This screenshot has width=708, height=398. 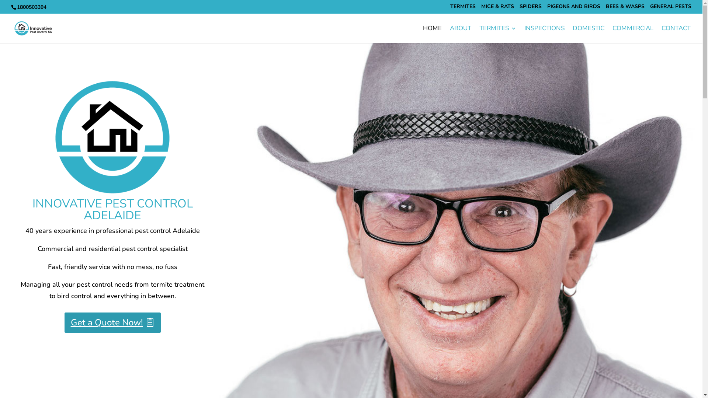 What do you see at coordinates (588, 34) in the screenshot?
I see `'DOMESTIC'` at bounding box center [588, 34].